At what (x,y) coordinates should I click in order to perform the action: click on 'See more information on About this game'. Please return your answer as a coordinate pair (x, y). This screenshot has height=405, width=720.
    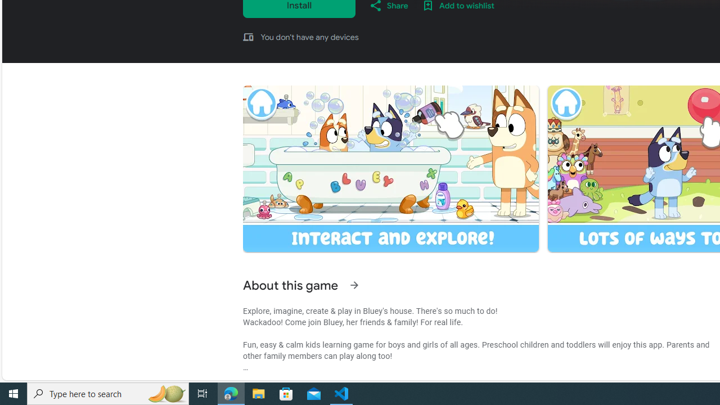
    Looking at the image, I should click on (353, 285).